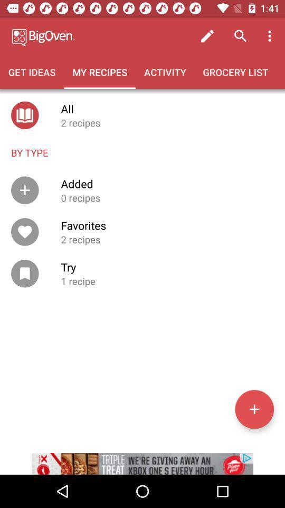 Image resolution: width=285 pixels, height=508 pixels. What do you see at coordinates (254, 409) in the screenshot?
I see `page` at bounding box center [254, 409].